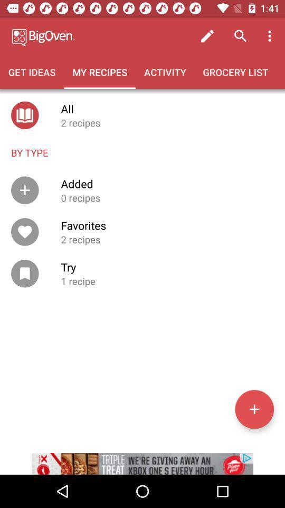 Image resolution: width=285 pixels, height=508 pixels. What do you see at coordinates (254, 409) in the screenshot?
I see `page` at bounding box center [254, 409].